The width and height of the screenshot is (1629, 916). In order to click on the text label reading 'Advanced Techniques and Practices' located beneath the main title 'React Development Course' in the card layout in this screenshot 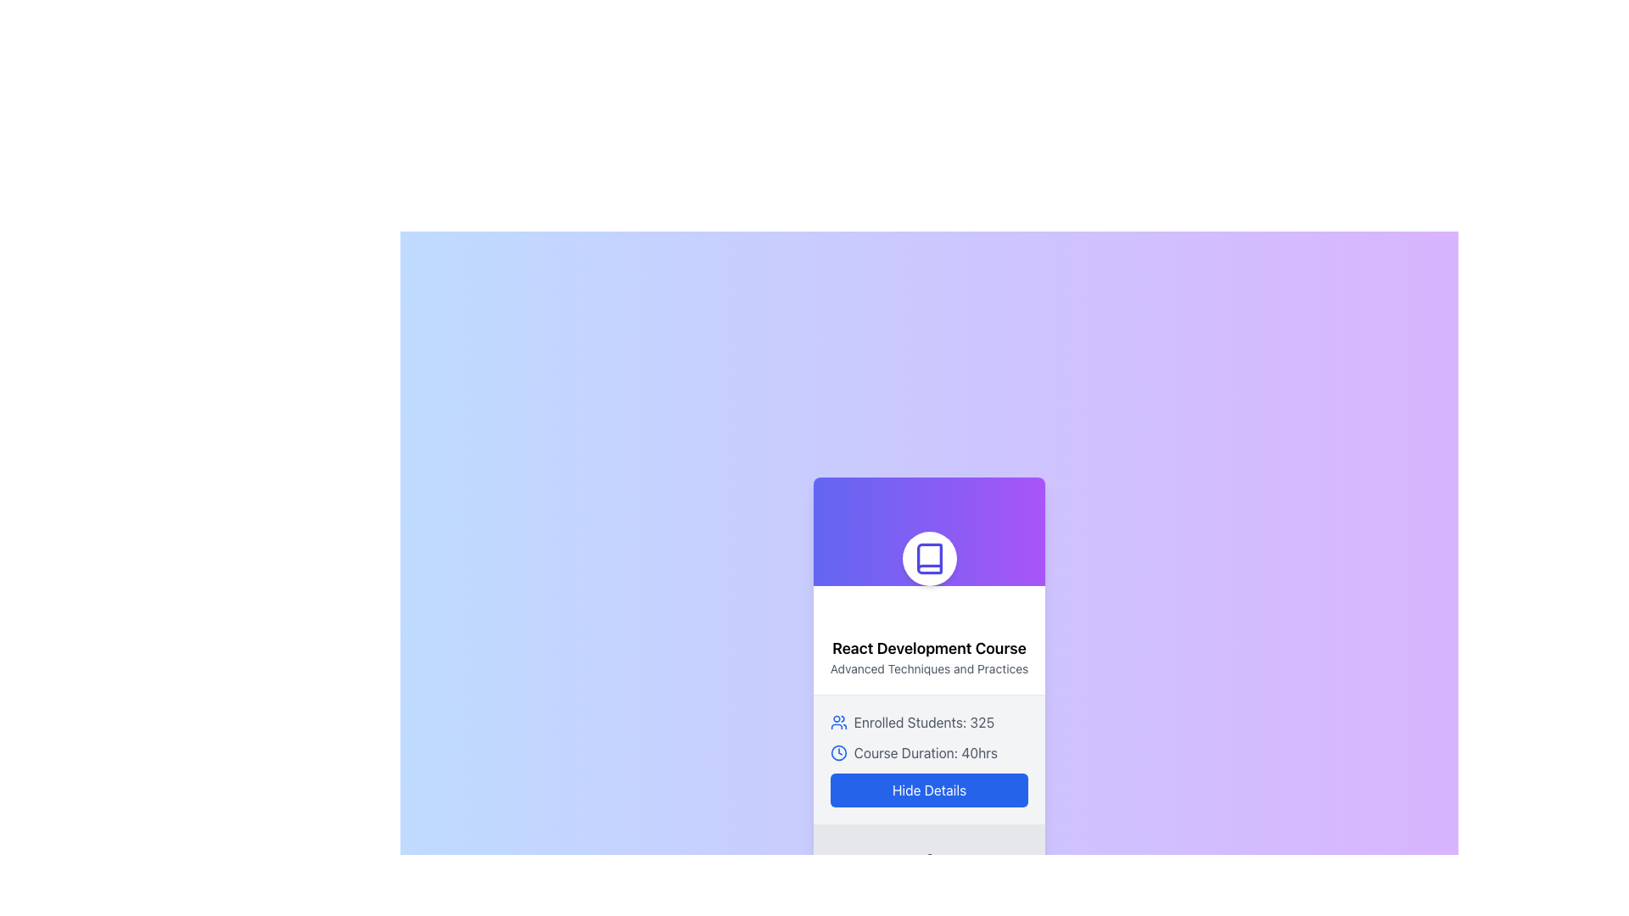, I will do `click(928, 668)`.